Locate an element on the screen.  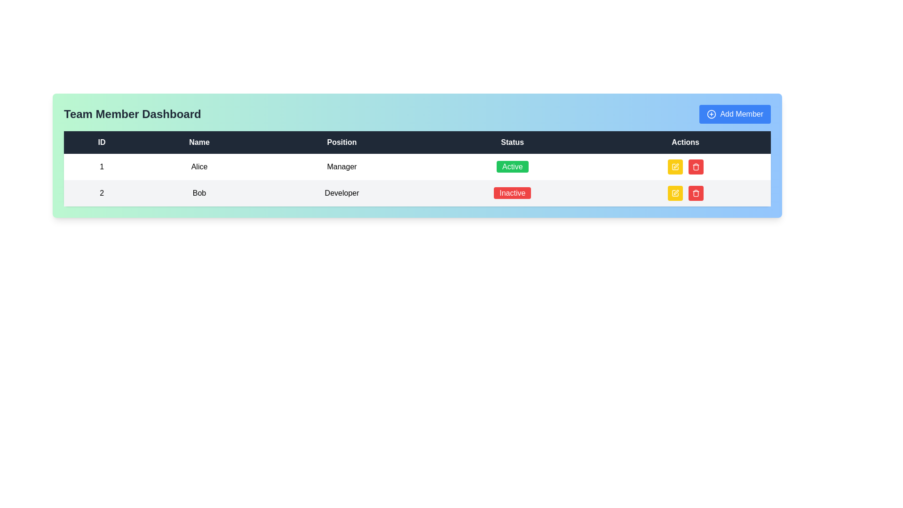
the display-only text field indicating Bob's position as a Developer in the Position column of the table is located at coordinates (341, 193).